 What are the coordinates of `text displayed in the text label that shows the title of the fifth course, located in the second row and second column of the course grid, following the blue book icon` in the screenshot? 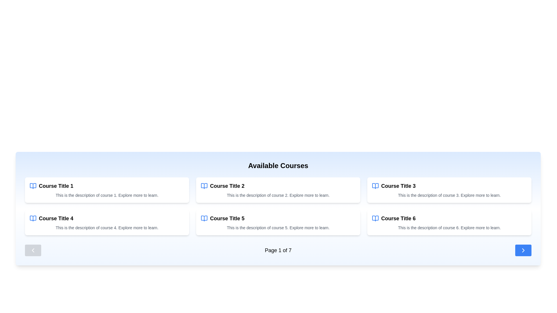 It's located at (227, 218).